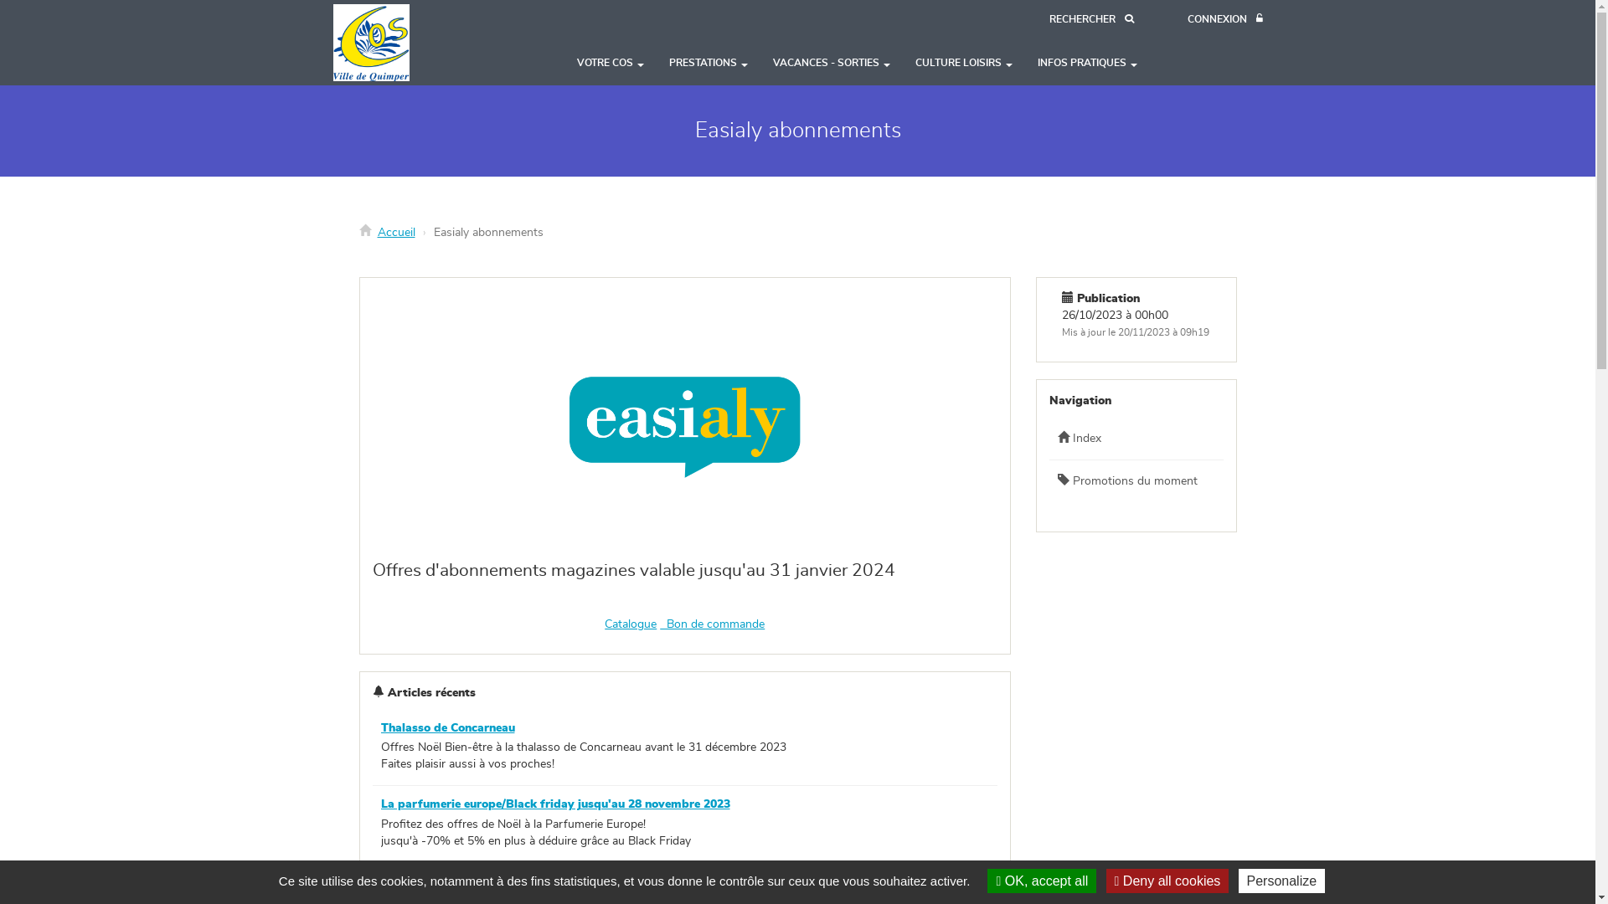 This screenshot has width=1608, height=904. I want to click on 'VOTRE COS', so click(610, 61).